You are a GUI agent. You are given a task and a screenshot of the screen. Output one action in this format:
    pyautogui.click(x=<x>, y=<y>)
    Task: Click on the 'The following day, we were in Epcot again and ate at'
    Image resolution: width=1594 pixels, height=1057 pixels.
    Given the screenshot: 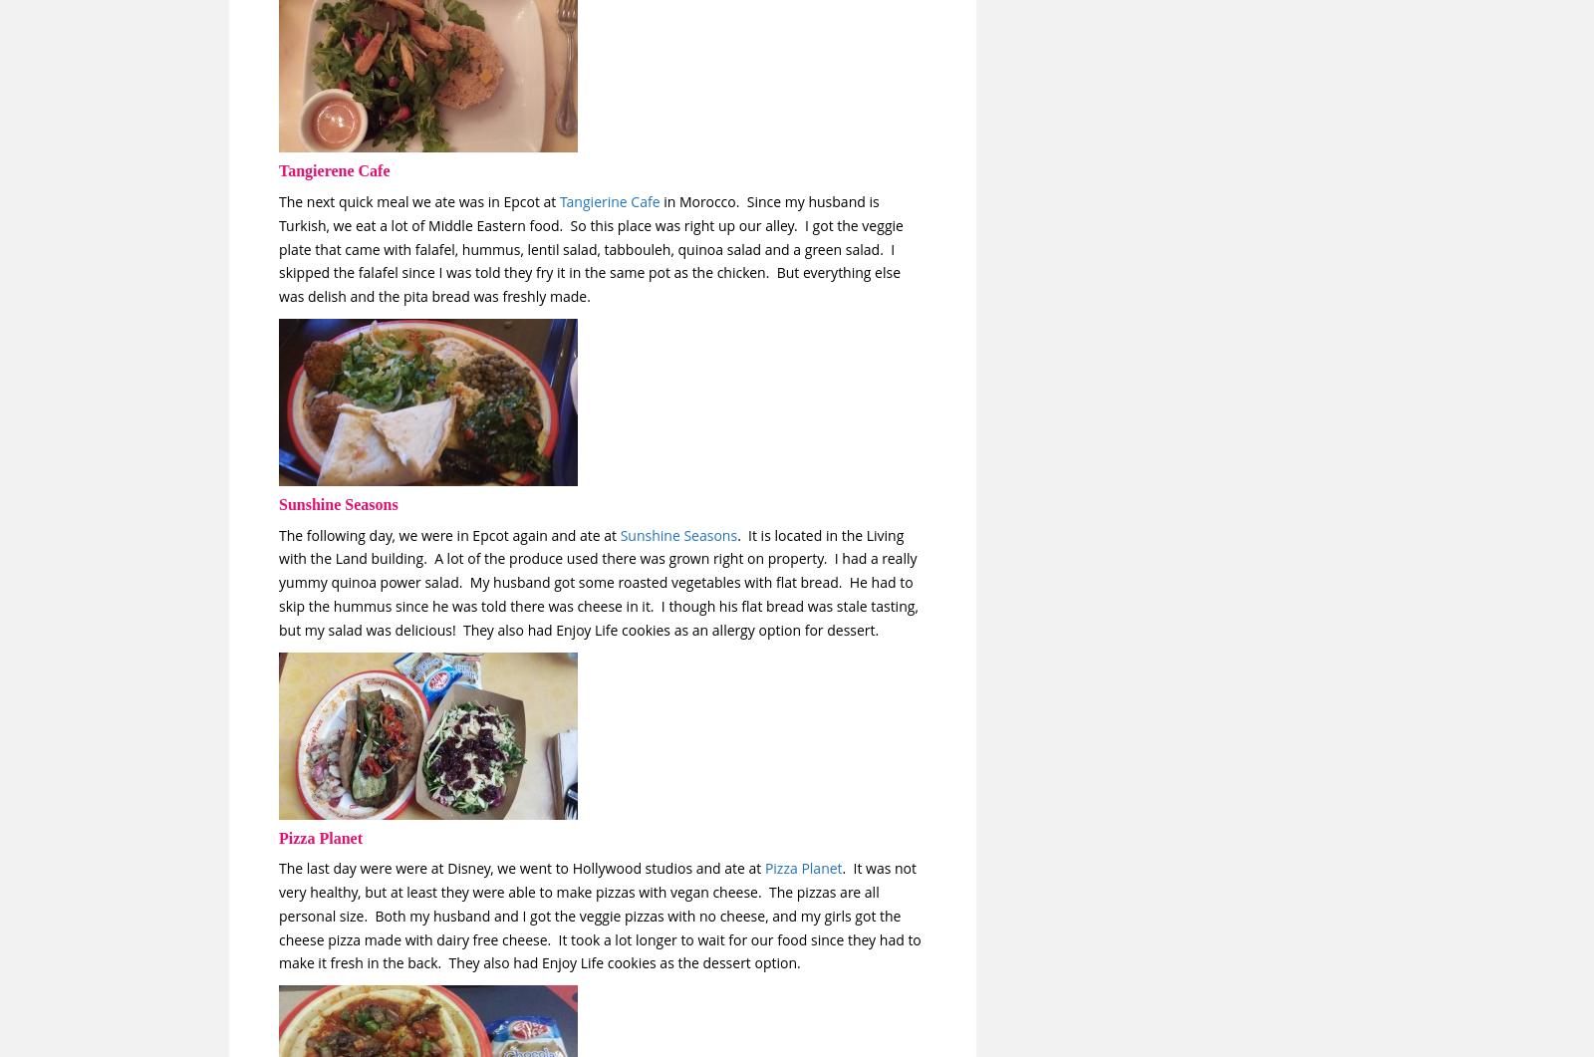 What is the action you would take?
    pyautogui.click(x=448, y=533)
    